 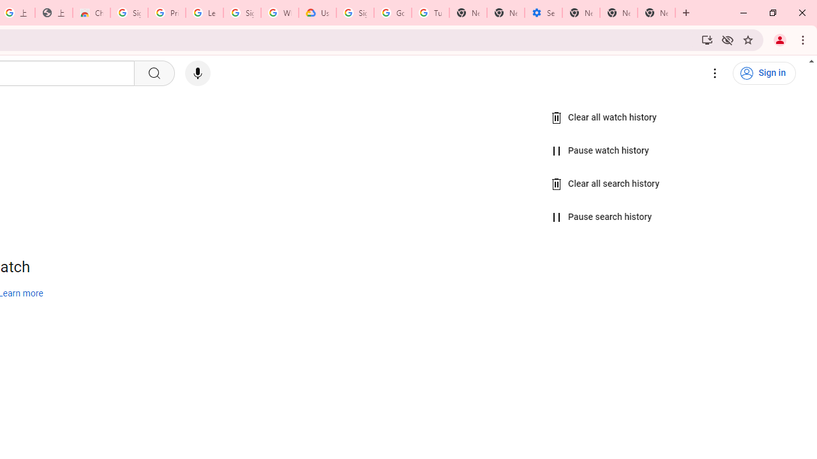 I want to click on 'Turn cookies on or off - Computer - Google Account Help', so click(x=430, y=13).